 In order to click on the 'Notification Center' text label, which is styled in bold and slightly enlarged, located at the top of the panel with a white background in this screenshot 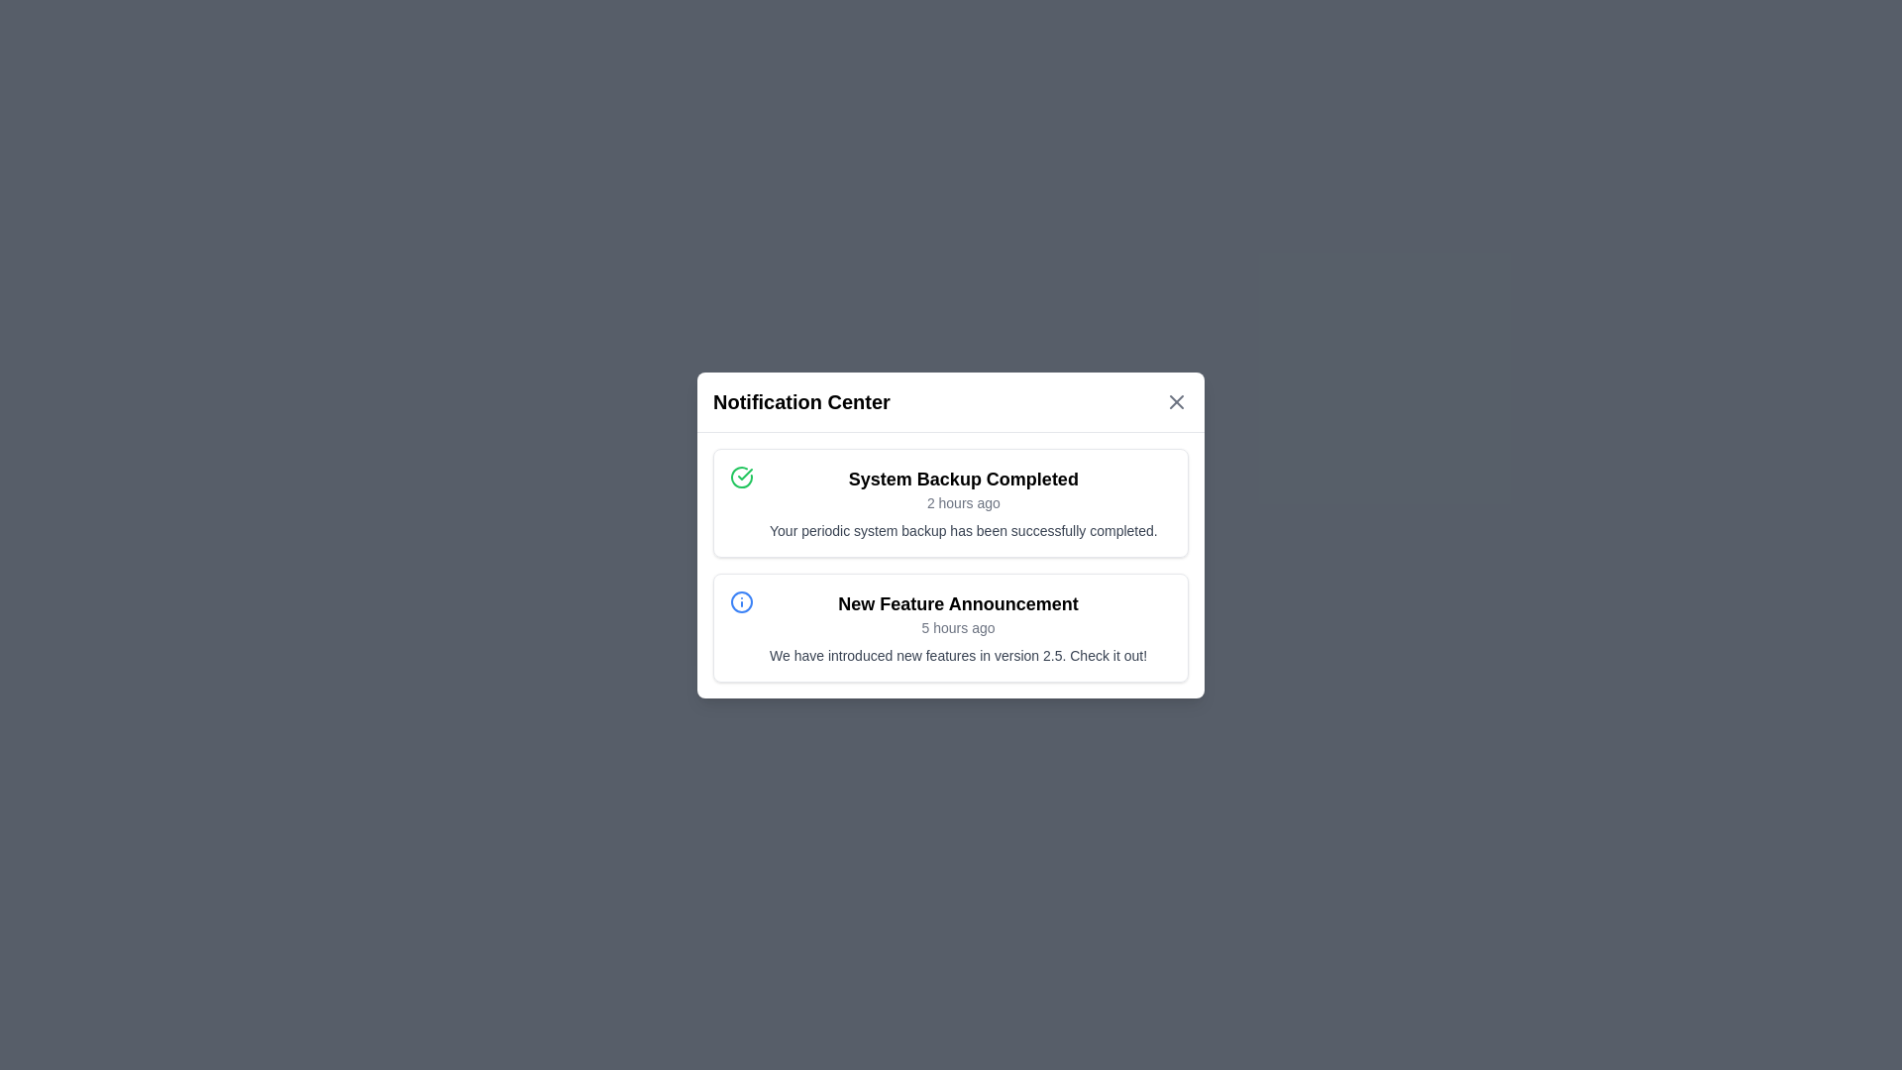, I will do `click(801, 401)`.